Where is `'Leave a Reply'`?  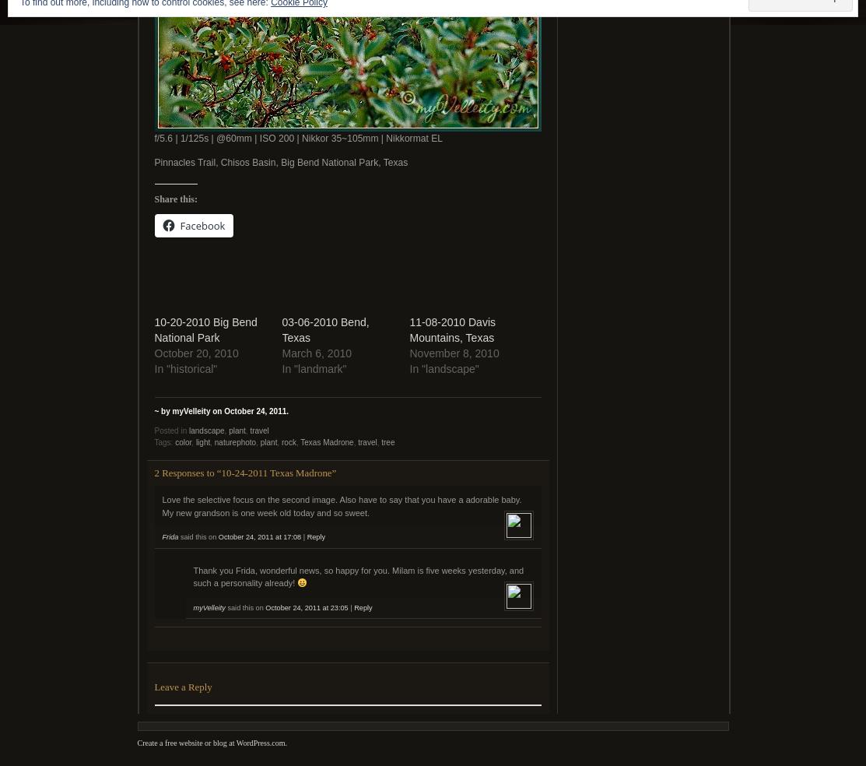
'Leave a Reply' is located at coordinates (182, 687).